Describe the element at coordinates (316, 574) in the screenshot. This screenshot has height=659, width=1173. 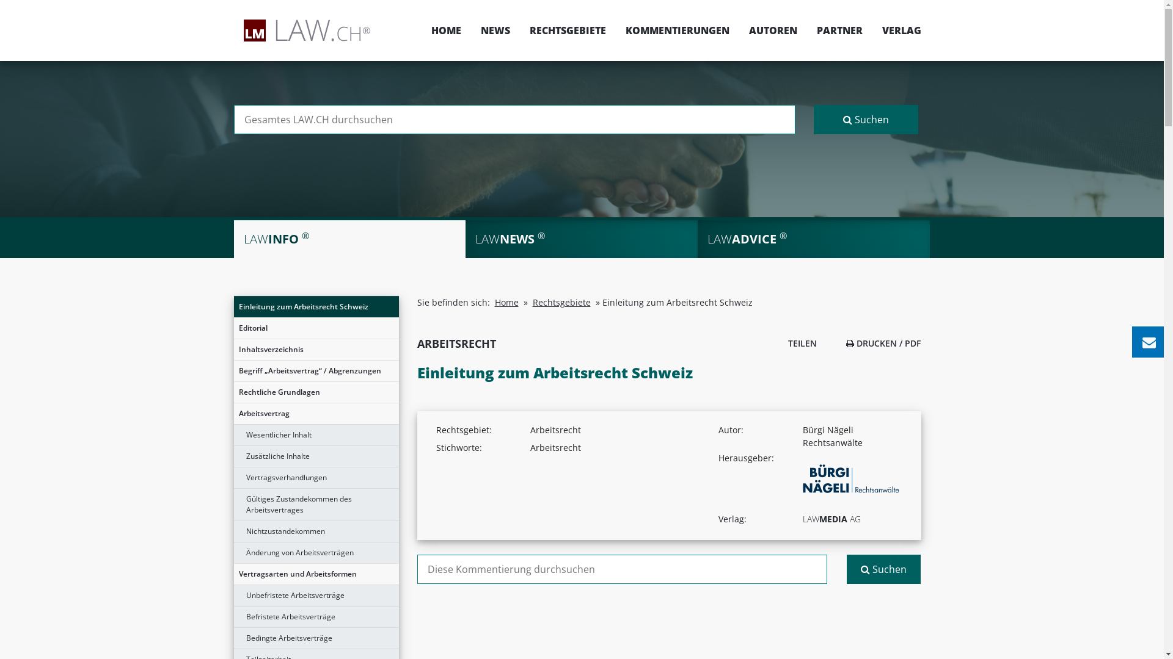
I see `'Vertragsarten und Arbeitsformen'` at that location.